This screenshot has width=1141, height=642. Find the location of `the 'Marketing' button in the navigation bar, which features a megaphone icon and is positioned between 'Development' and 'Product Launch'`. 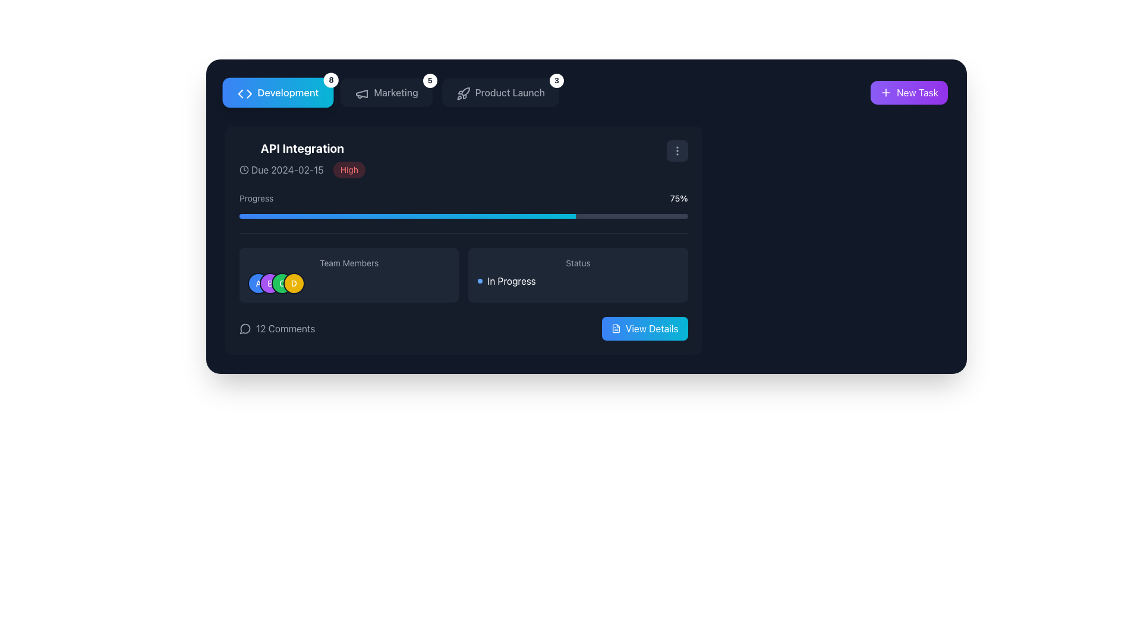

the 'Marketing' button in the navigation bar, which features a megaphone icon and is positioned between 'Development' and 'Product Launch' is located at coordinates (392, 92).